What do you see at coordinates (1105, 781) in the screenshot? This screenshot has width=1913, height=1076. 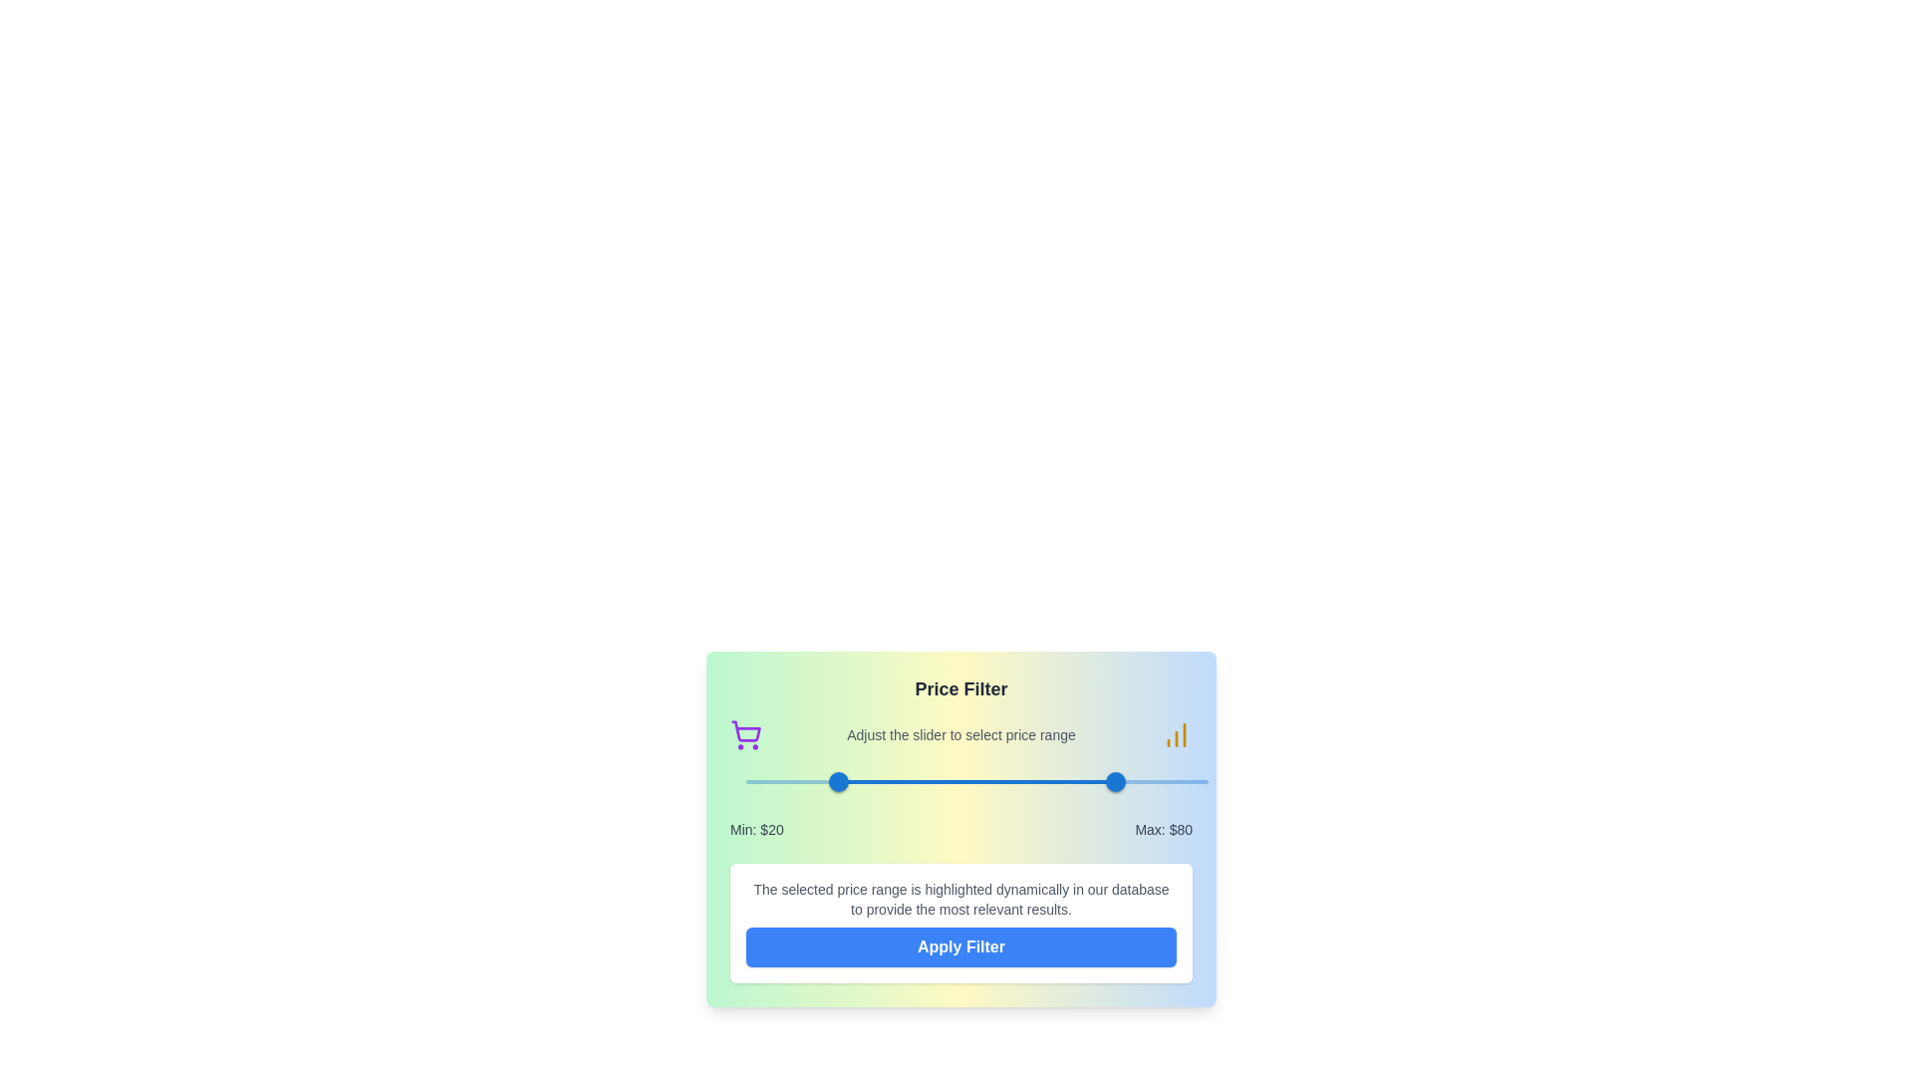 I see `slider value` at bounding box center [1105, 781].